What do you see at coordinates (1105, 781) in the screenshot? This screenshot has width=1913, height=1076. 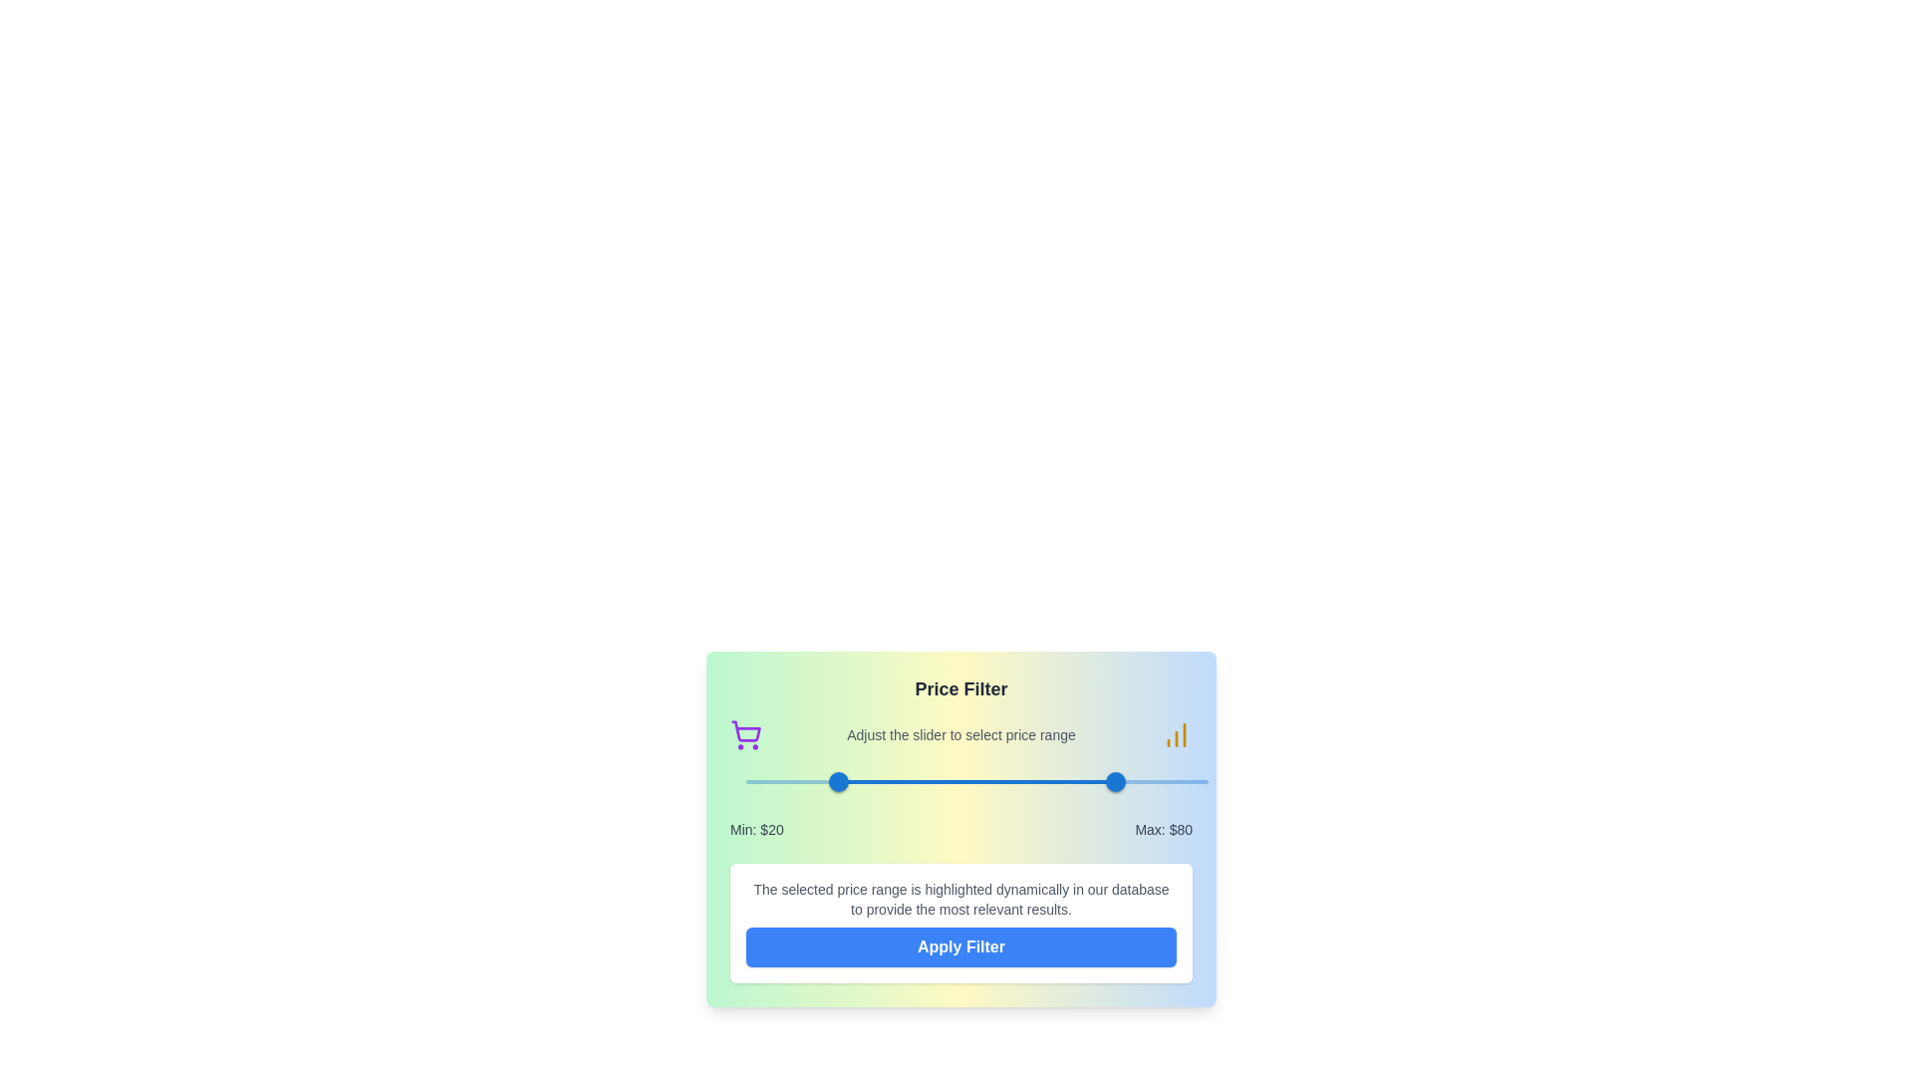 I see `slider value` at bounding box center [1105, 781].